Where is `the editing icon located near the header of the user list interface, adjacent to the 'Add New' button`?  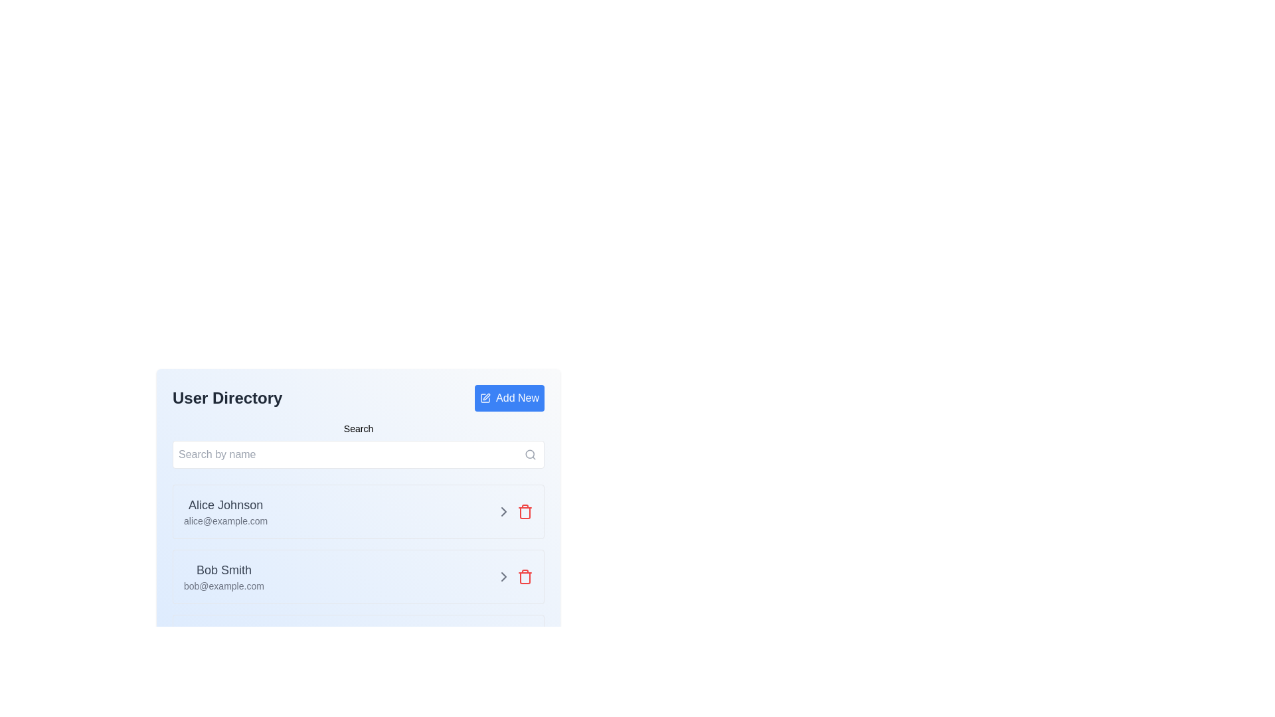 the editing icon located near the header of the user list interface, adjacent to the 'Add New' button is located at coordinates (486, 396).